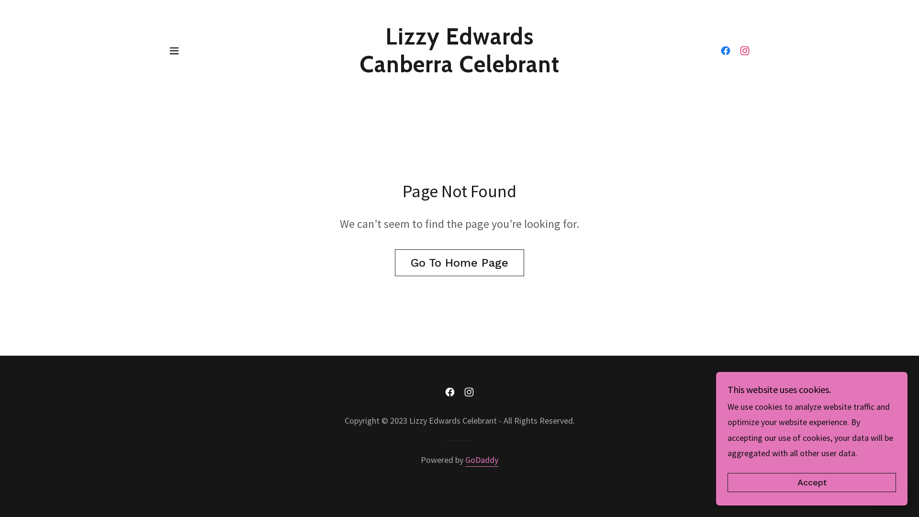 This screenshot has height=517, width=919. What do you see at coordinates (811, 482) in the screenshot?
I see `'Accept'` at bounding box center [811, 482].